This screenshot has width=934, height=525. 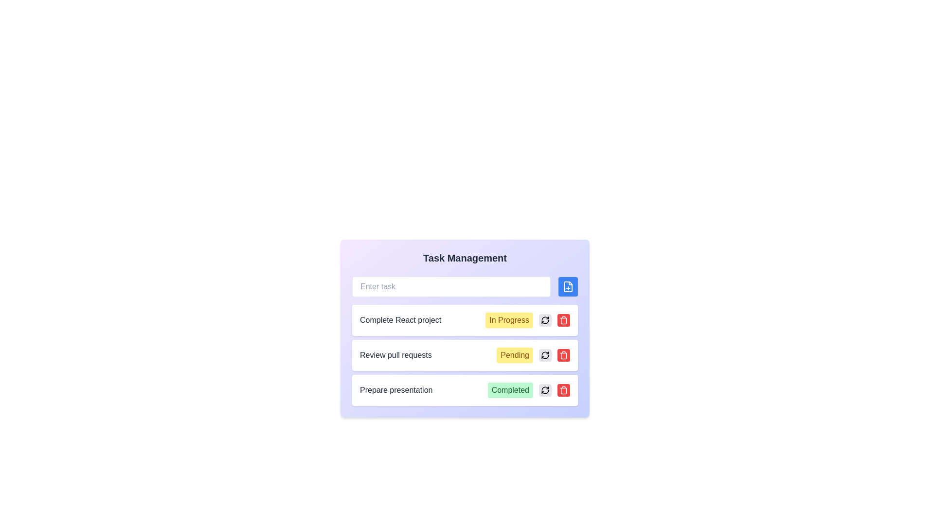 I want to click on the text label displaying 'Review pull requests', which is the leftmost text line in the second task row of the task management interface, so click(x=395, y=355).